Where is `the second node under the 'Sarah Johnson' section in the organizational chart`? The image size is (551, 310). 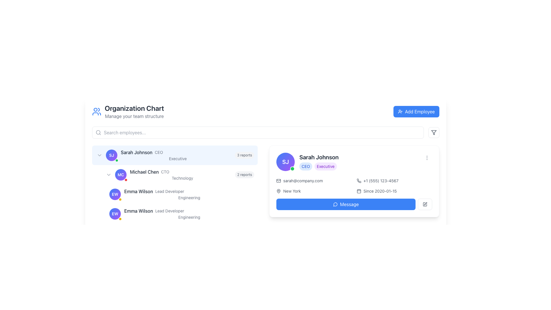
the second node under the 'Sarah Johnson' section in the organizational chart is located at coordinates (174, 185).